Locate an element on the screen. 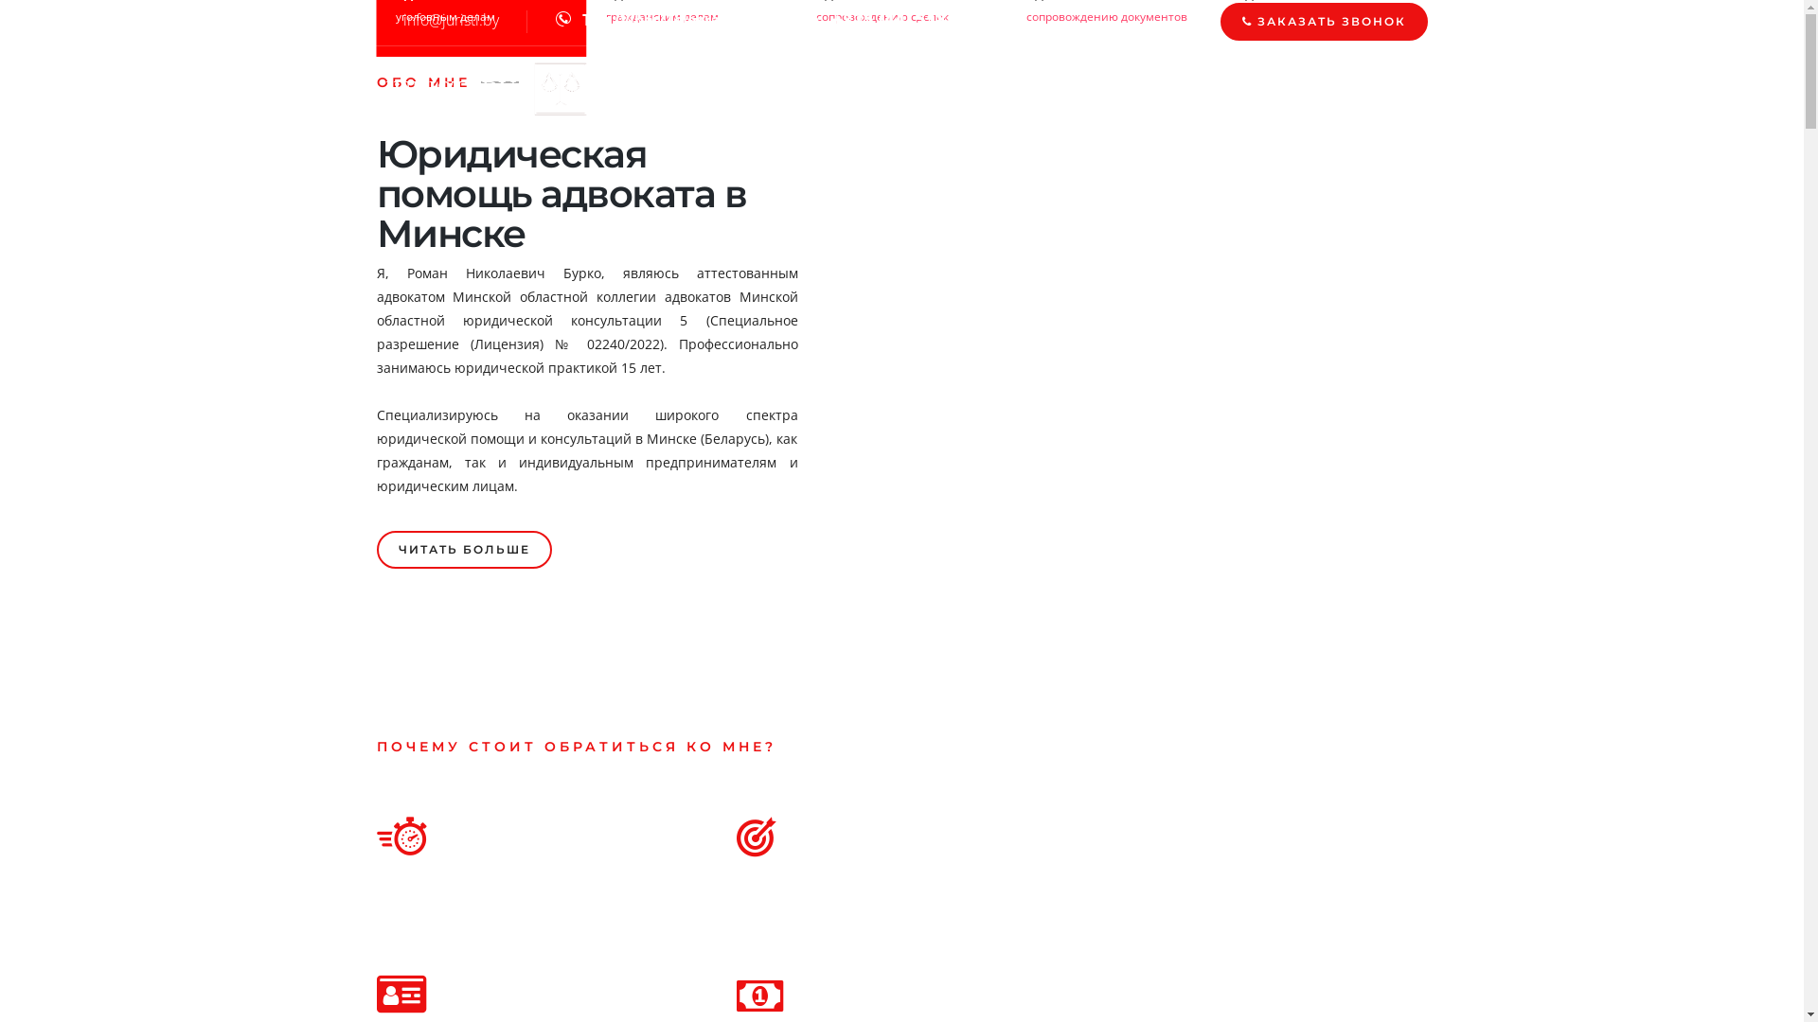 The width and height of the screenshot is (1818, 1022). 'Viber' is located at coordinates (638, 19).